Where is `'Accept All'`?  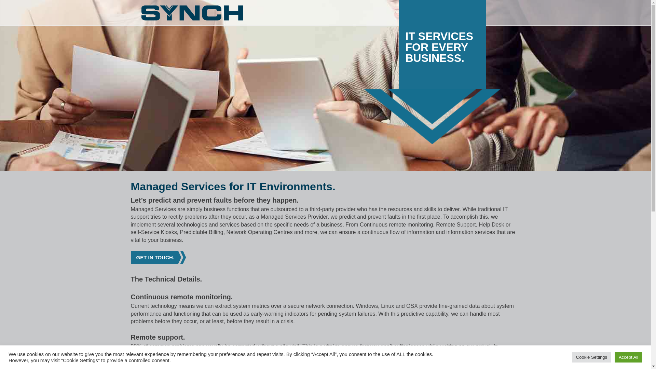
'Accept All' is located at coordinates (628, 357).